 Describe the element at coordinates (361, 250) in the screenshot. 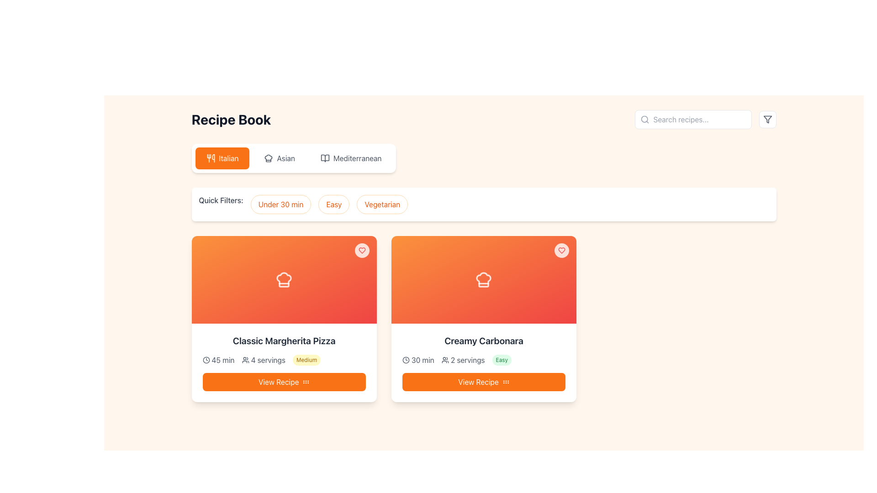

I see `the heart button in the upper-right corner of the 'Classic Margherita Pizza' recipe card to favorite the recipe` at that location.